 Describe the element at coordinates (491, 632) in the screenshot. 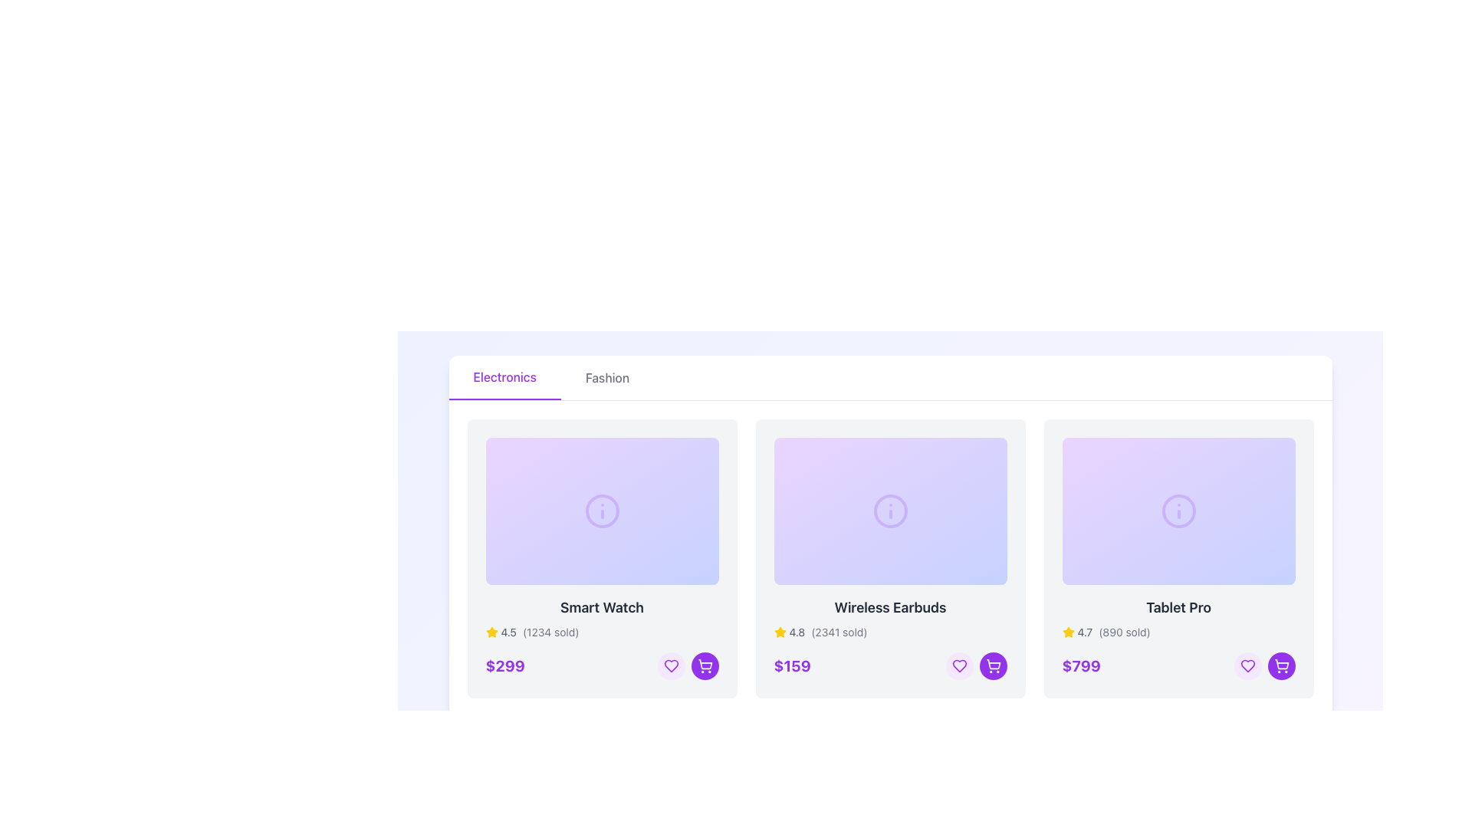

I see `the star icon representing a 4.5 rating for the first product in the row` at that location.